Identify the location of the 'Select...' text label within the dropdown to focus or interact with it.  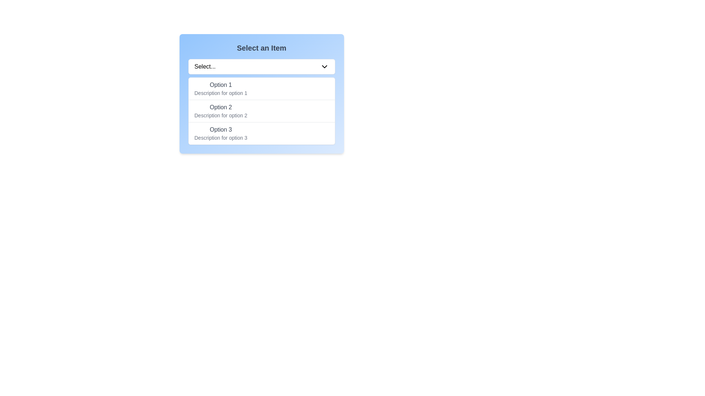
(205, 66).